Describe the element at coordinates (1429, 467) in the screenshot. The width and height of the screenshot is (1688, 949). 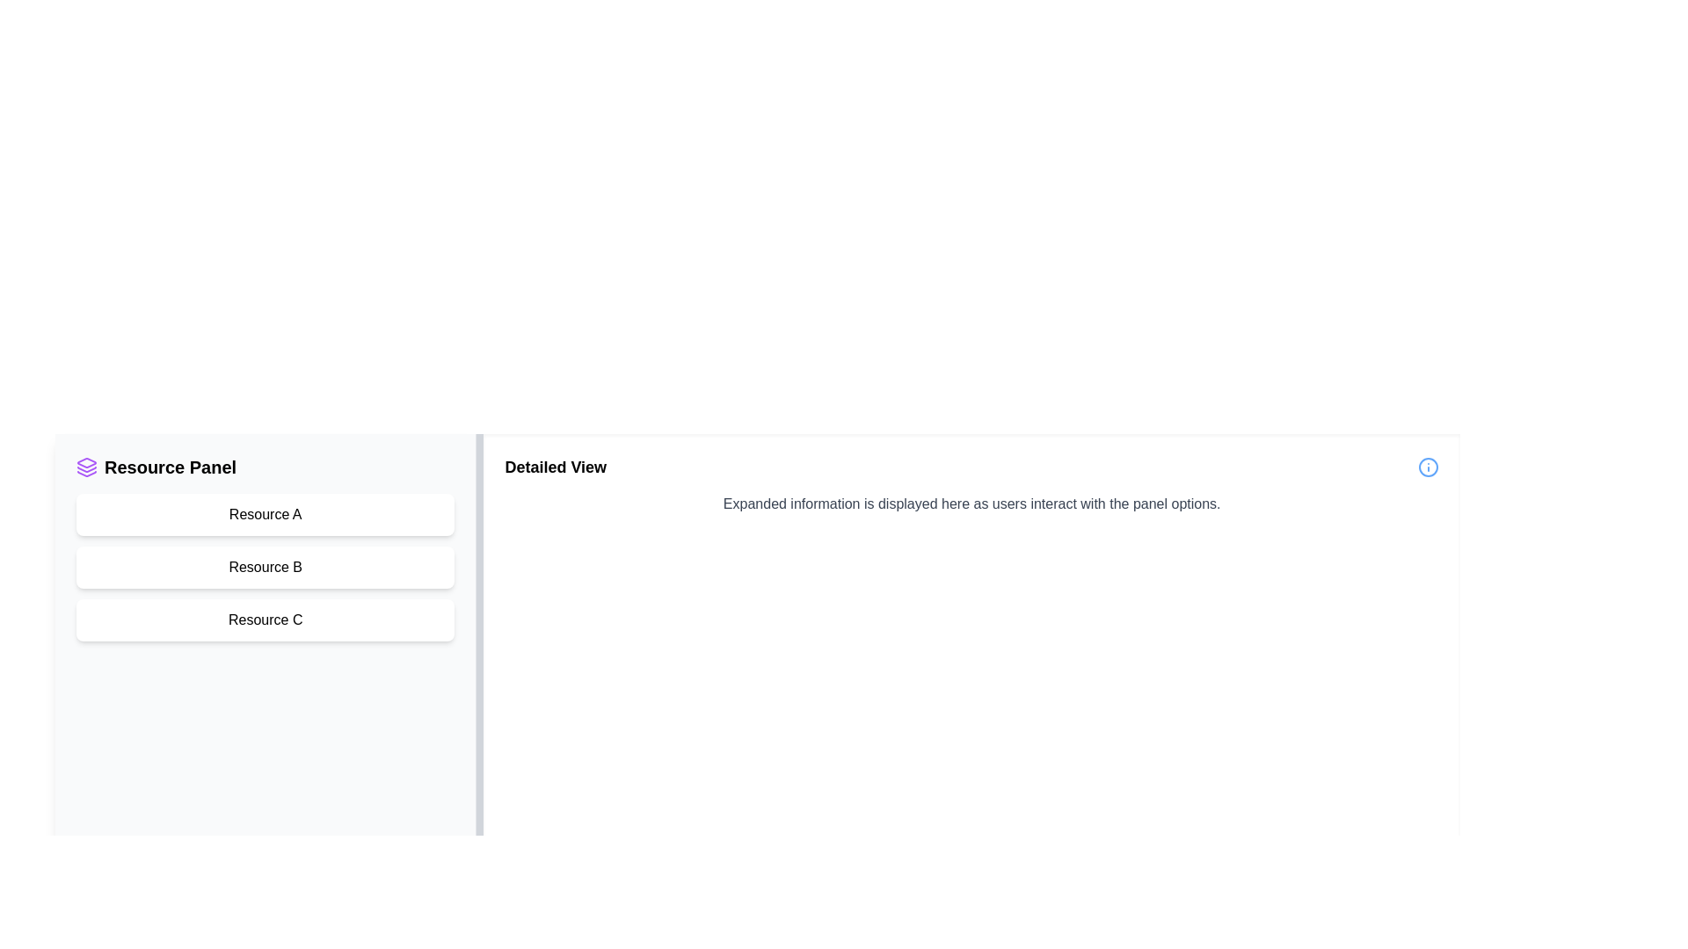
I see `the 'info' icon located to the right of the 'Detailed View' label` at that location.